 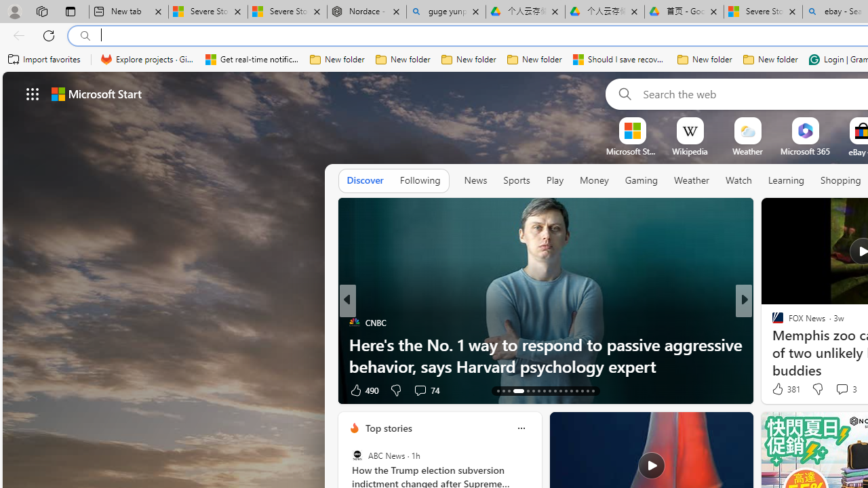 What do you see at coordinates (841, 390) in the screenshot?
I see `'View comments 4 Comment'` at bounding box center [841, 390].